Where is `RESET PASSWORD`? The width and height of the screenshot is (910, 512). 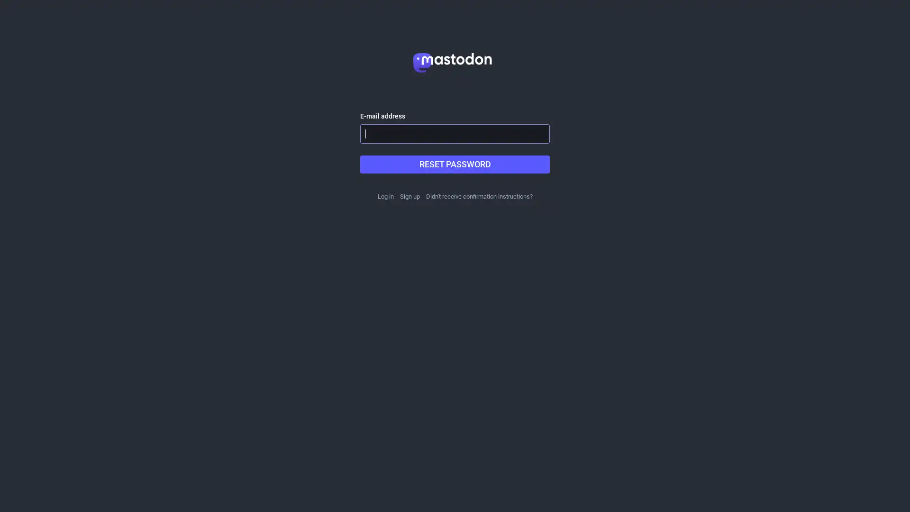 RESET PASSWORD is located at coordinates (455, 164).